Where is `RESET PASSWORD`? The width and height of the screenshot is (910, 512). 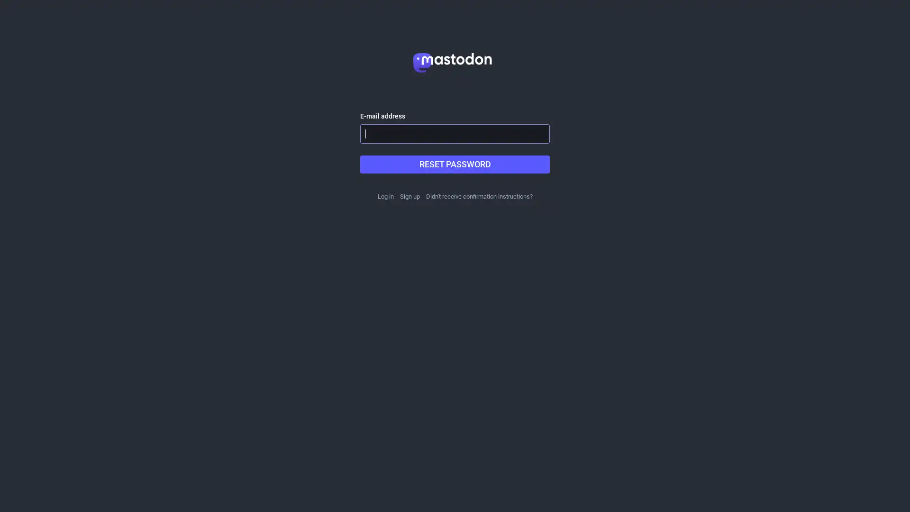 RESET PASSWORD is located at coordinates (455, 164).